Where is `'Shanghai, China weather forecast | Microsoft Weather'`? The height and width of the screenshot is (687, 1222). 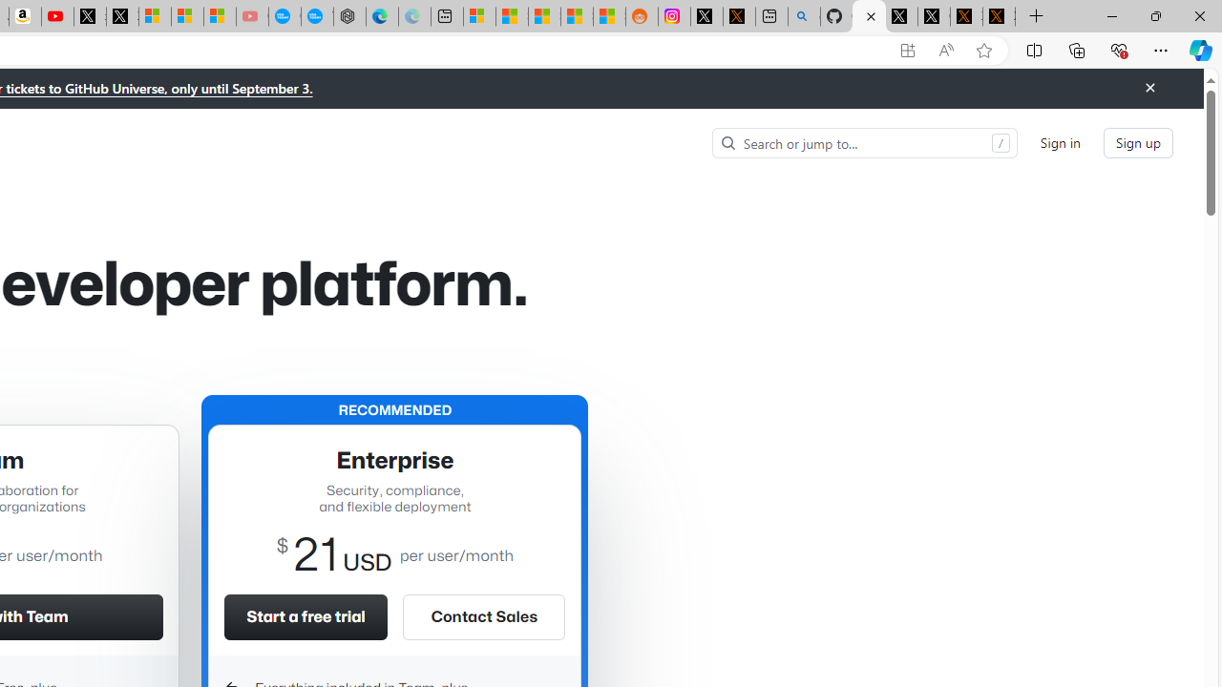 'Shanghai, China weather forecast | Microsoft Weather' is located at coordinates (512, 16).